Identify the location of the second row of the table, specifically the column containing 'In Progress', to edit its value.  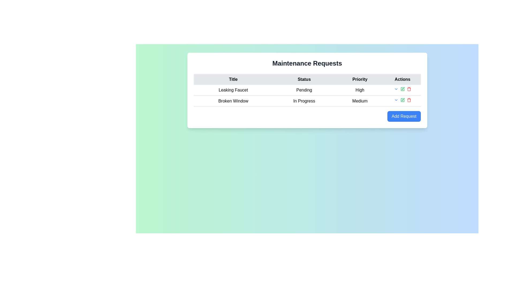
(307, 101).